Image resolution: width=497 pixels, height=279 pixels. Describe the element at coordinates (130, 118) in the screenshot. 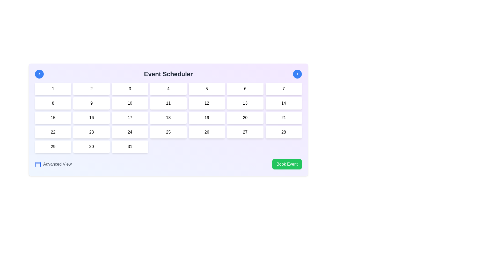

I see `the button with the number '17' centered inside, which has a white background and a rounded border` at that location.